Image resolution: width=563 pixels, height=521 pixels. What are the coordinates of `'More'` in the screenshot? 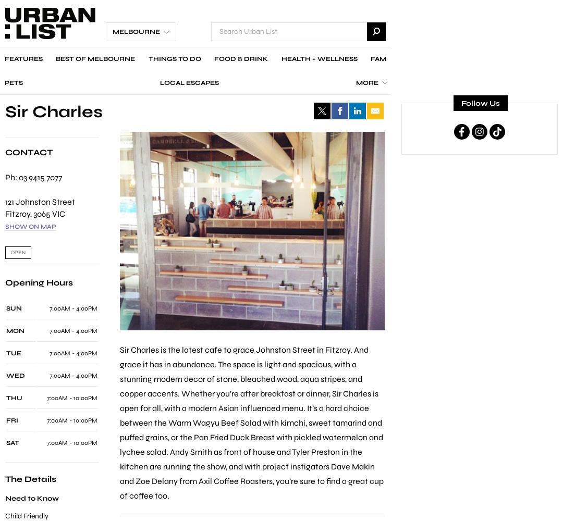 It's located at (366, 83).